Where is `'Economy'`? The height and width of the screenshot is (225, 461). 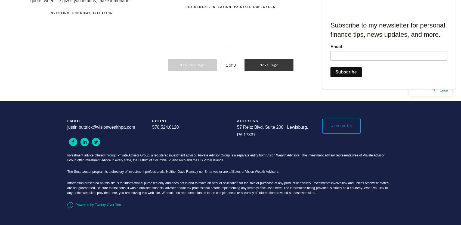 'Economy' is located at coordinates (81, 13).